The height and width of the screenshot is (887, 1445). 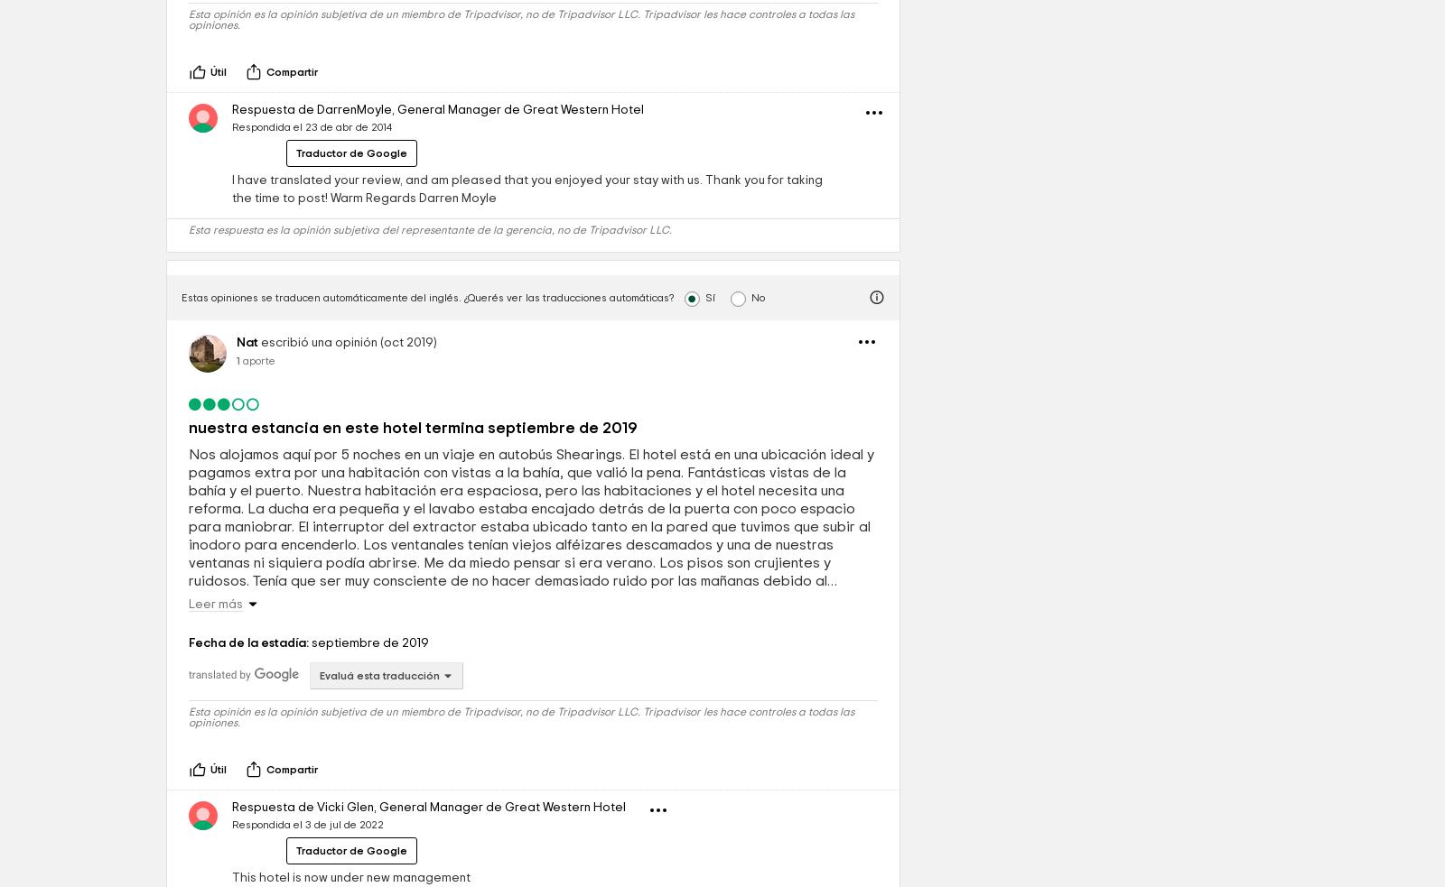 What do you see at coordinates (351, 278) in the screenshot?
I see `'Traductor de Google'` at bounding box center [351, 278].